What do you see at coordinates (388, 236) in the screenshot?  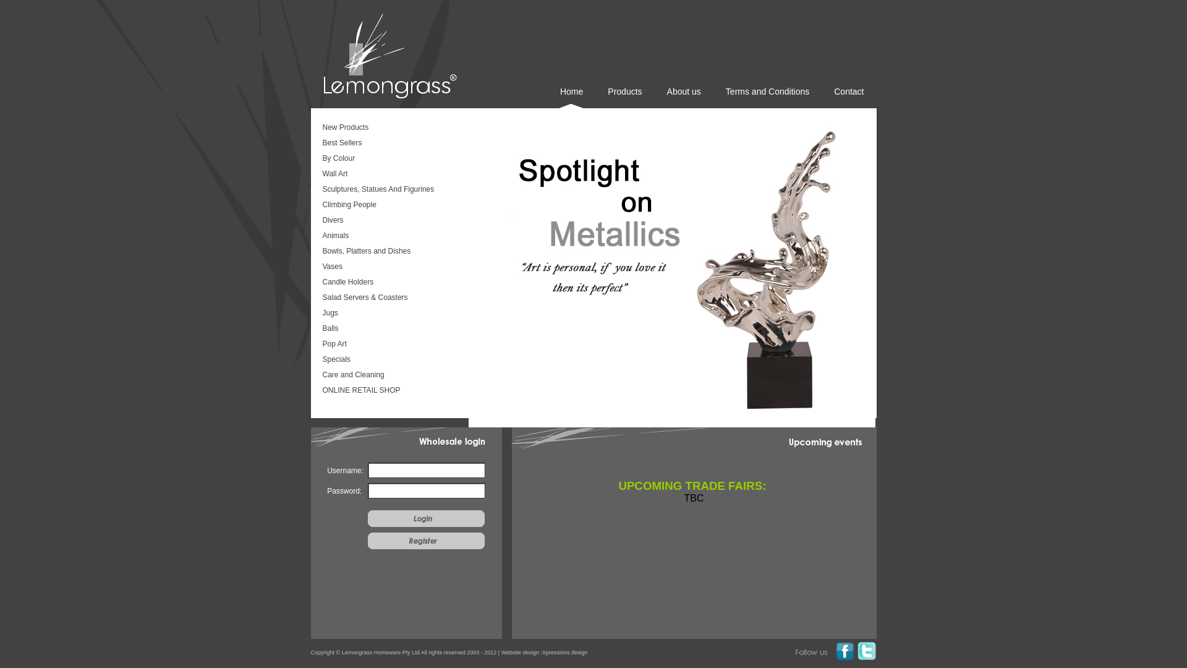 I see `'Animals'` at bounding box center [388, 236].